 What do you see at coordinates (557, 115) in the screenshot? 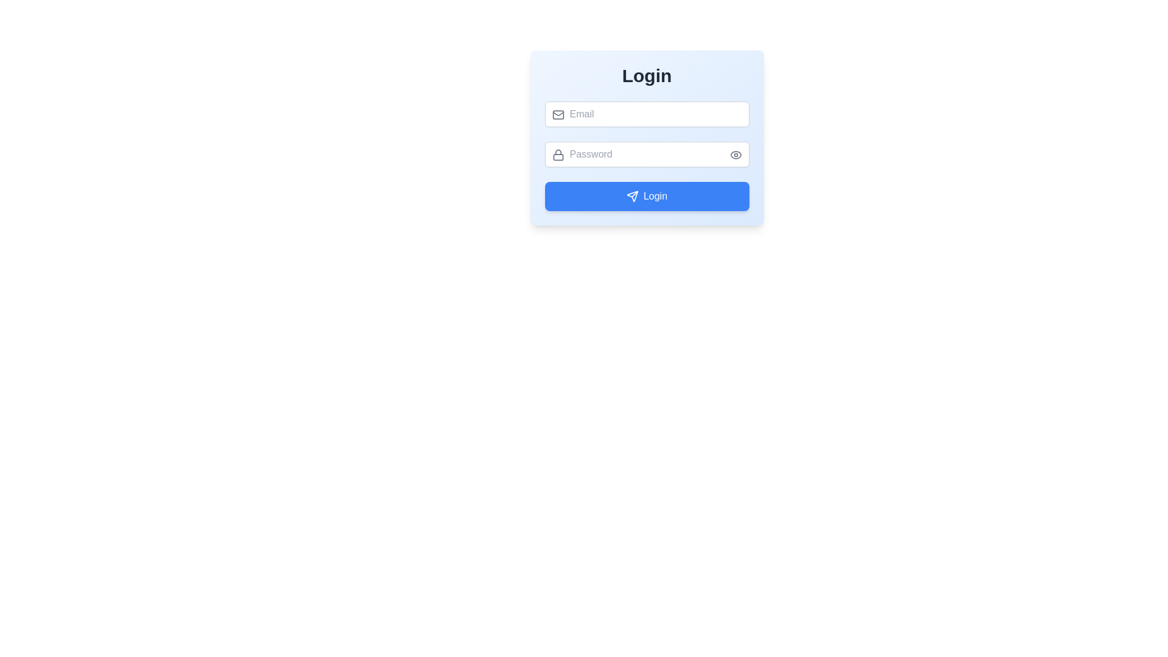
I see `the decorative email icon located immediately to the left of the email input field in the login form` at bounding box center [557, 115].